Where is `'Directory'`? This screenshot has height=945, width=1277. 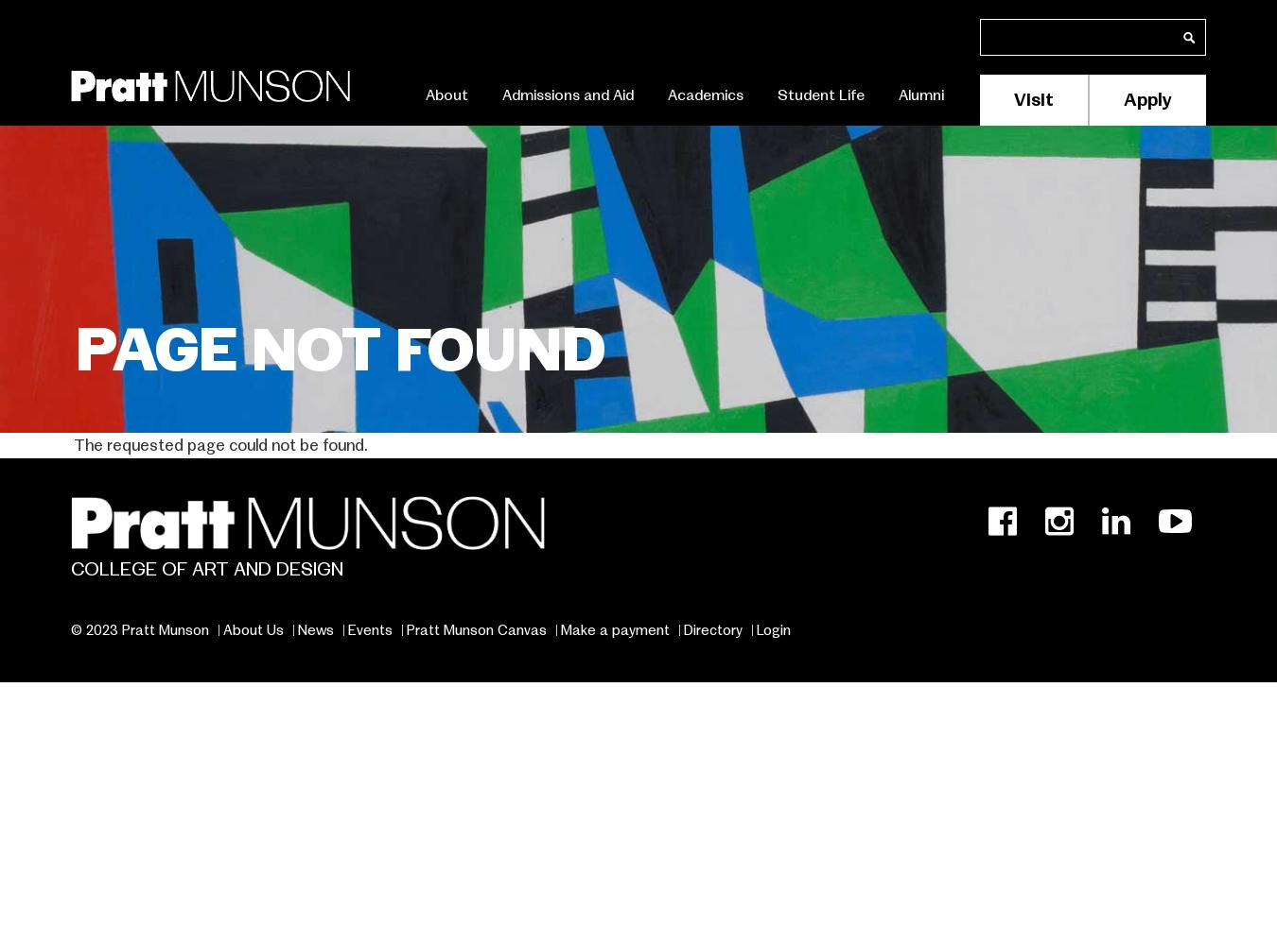
'Directory' is located at coordinates (683, 629).